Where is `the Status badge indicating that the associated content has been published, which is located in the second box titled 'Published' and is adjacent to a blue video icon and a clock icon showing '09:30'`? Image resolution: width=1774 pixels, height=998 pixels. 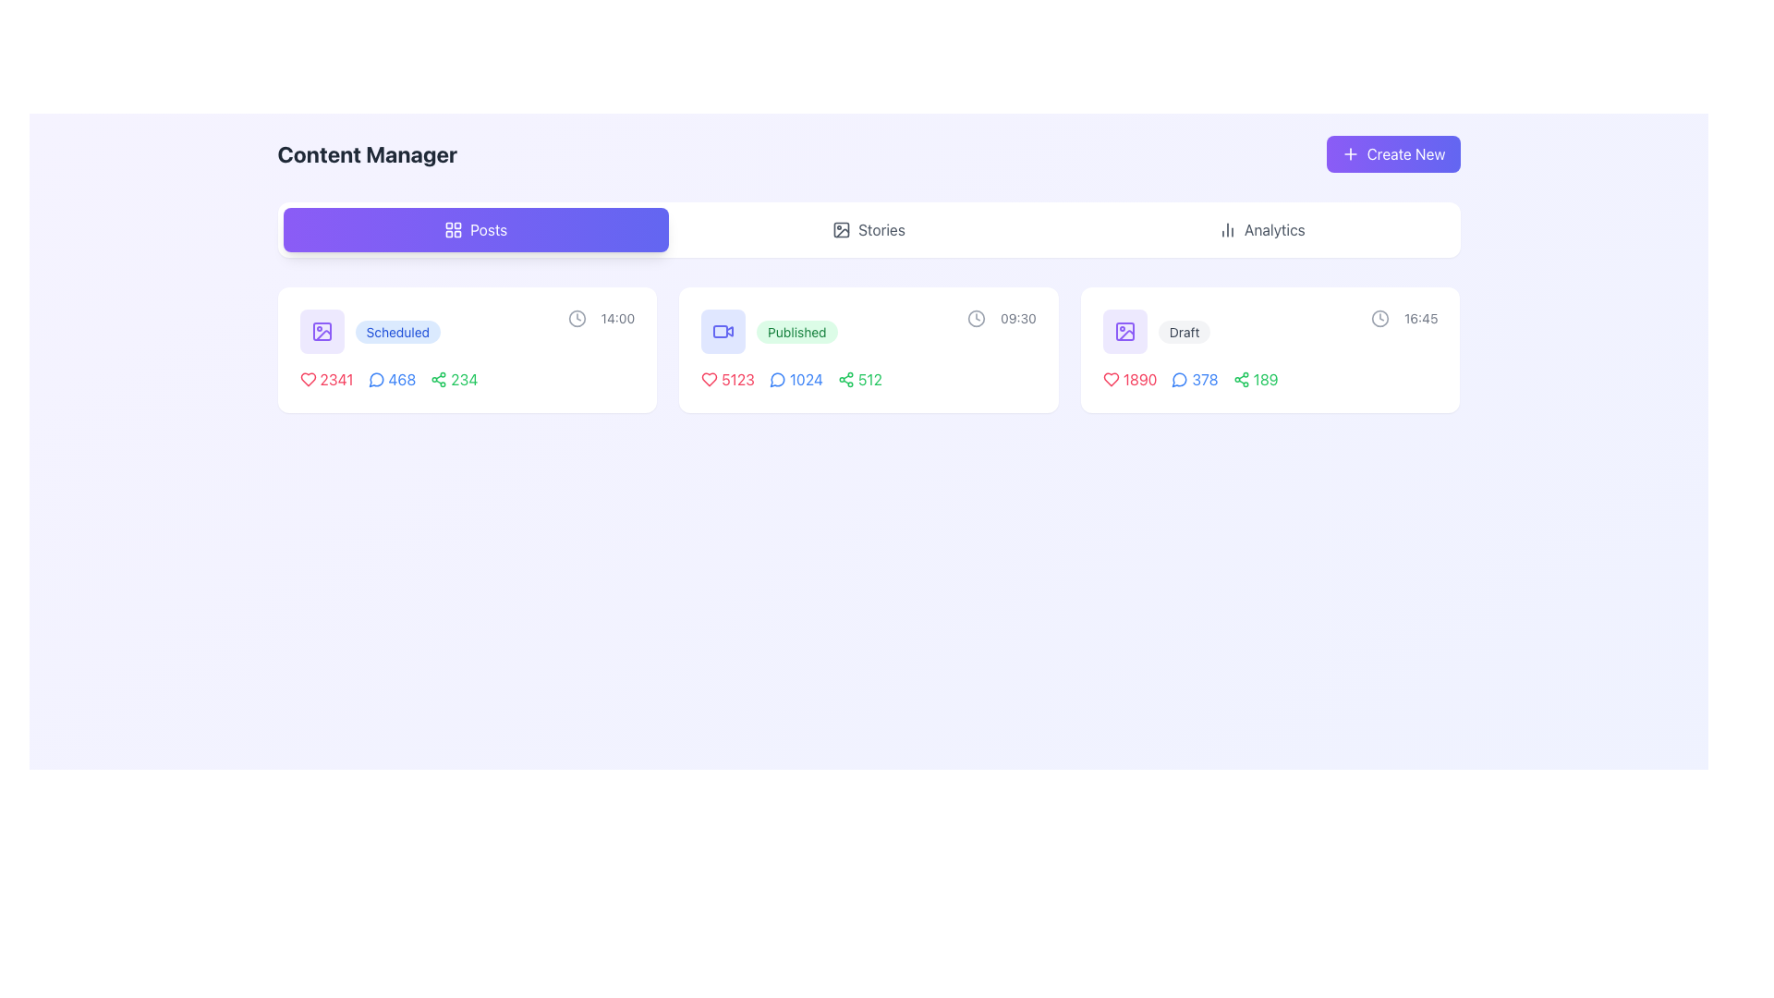 the Status badge indicating that the associated content has been published, which is located in the second box titled 'Published' and is adjacent to a blue video icon and a clock icon showing '09:30' is located at coordinates (769, 330).